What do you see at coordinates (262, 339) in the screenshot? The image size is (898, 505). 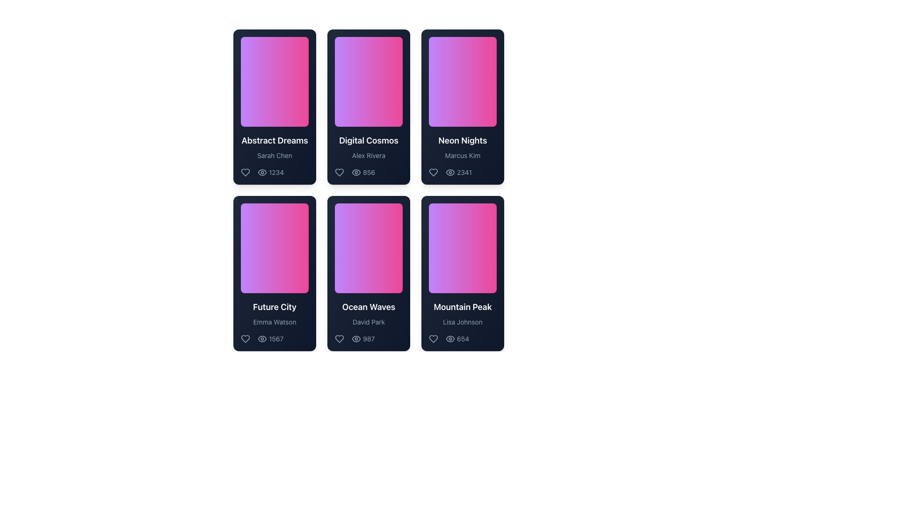 I see `the eye icon representing view counts located to the left of the number '1567' in the 'Future City' card section` at bounding box center [262, 339].